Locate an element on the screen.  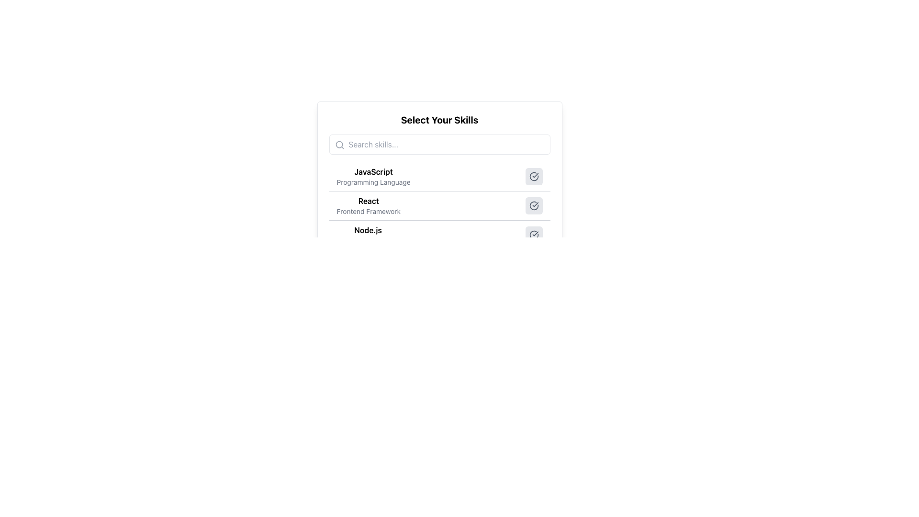
description of the list item labeled 'Node.js' with a checkbox, which is the third entry in the list of selectable options is located at coordinates (439, 235).